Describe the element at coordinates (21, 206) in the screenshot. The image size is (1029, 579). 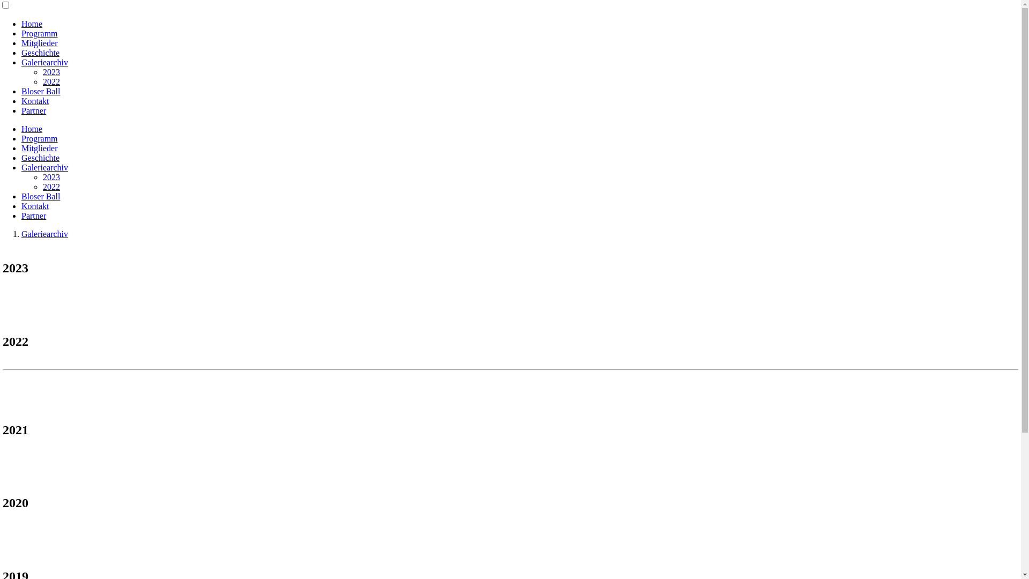
I see `'Kontakt'` at that location.